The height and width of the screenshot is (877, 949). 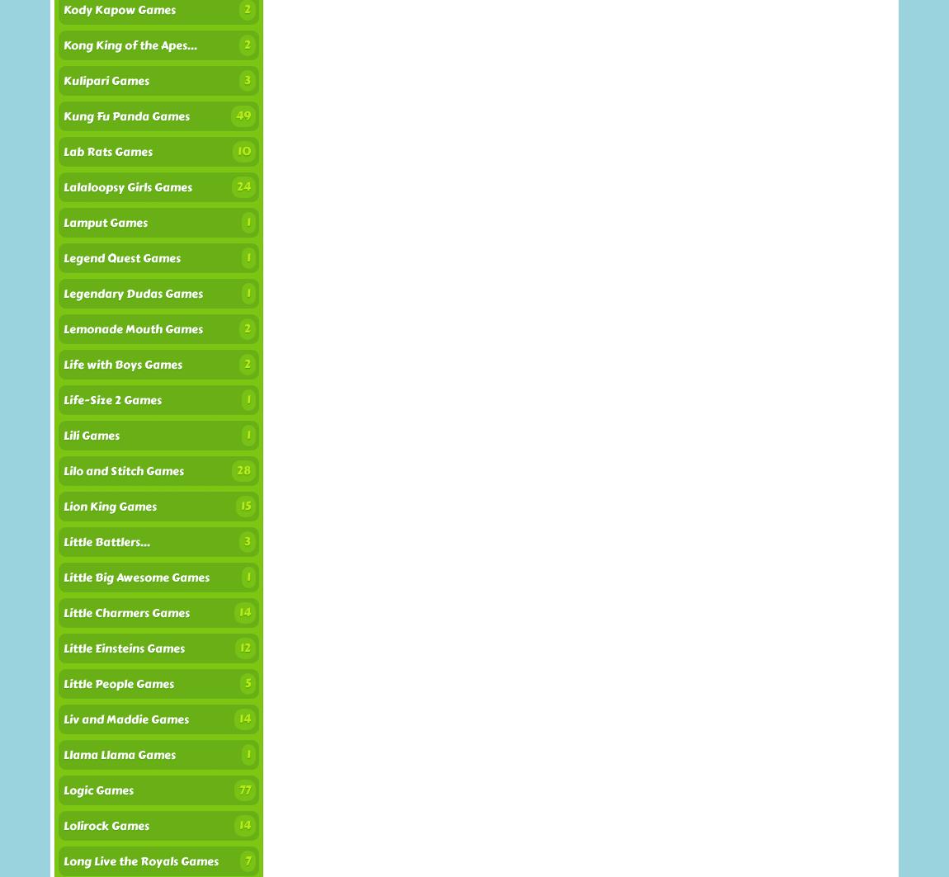 I want to click on 'Lamput Games', so click(x=63, y=223).